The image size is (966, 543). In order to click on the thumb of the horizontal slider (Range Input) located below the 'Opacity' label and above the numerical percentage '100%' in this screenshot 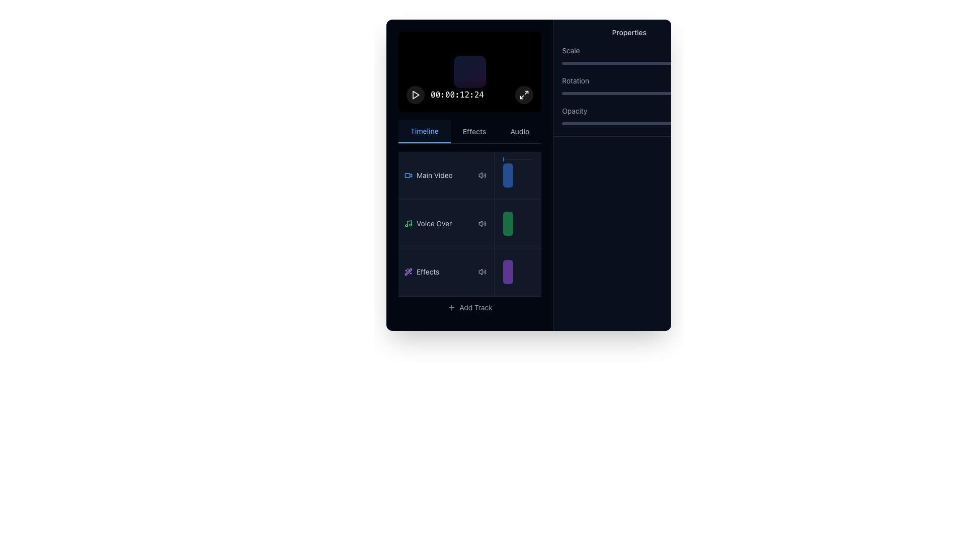, I will do `click(628, 123)`.